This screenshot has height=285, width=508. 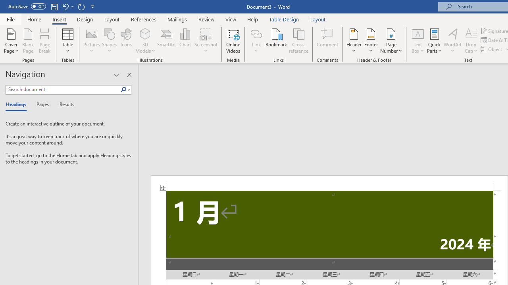 What do you see at coordinates (453, 41) in the screenshot?
I see `'WordArt'` at bounding box center [453, 41].